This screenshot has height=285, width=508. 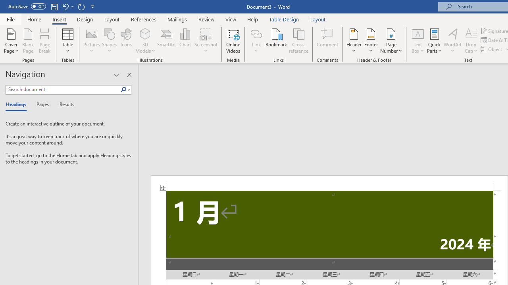 What do you see at coordinates (453, 41) in the screenshot?
I see `'WordArt'` at bounding box center [453, 41].